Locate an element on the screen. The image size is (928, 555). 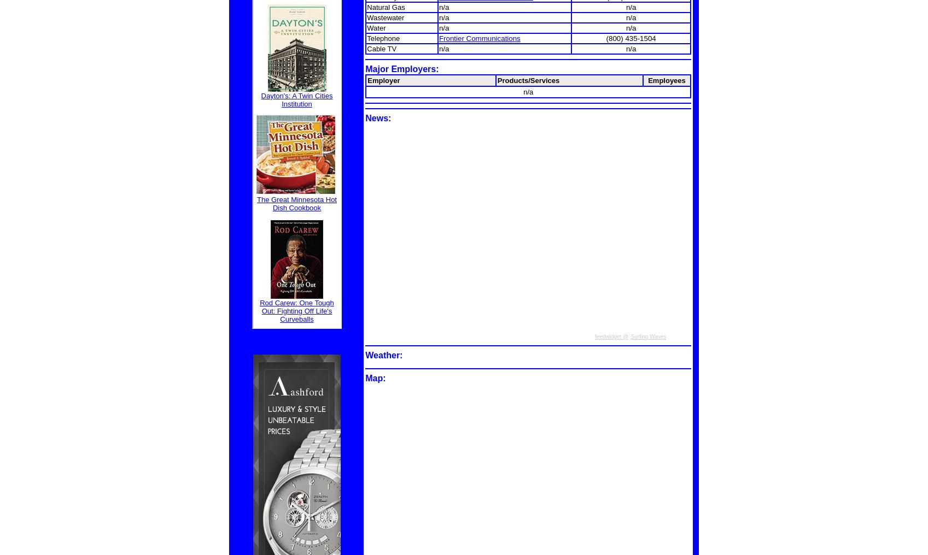
'Telephone' is located at coordinates (383, 38).